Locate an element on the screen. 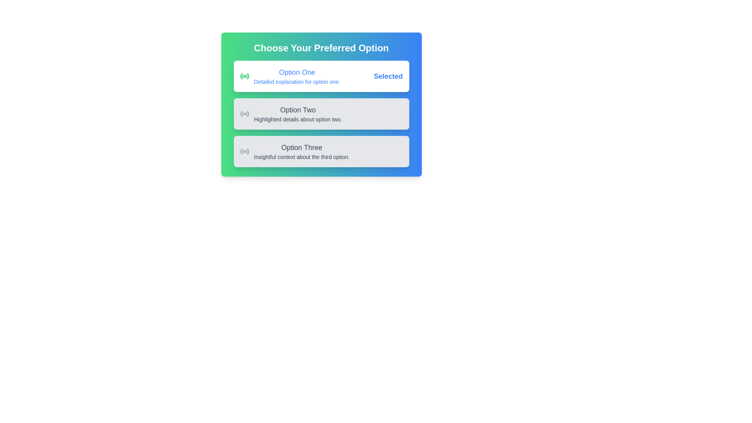  the Radio button icon is located at coordinates (244, 151).